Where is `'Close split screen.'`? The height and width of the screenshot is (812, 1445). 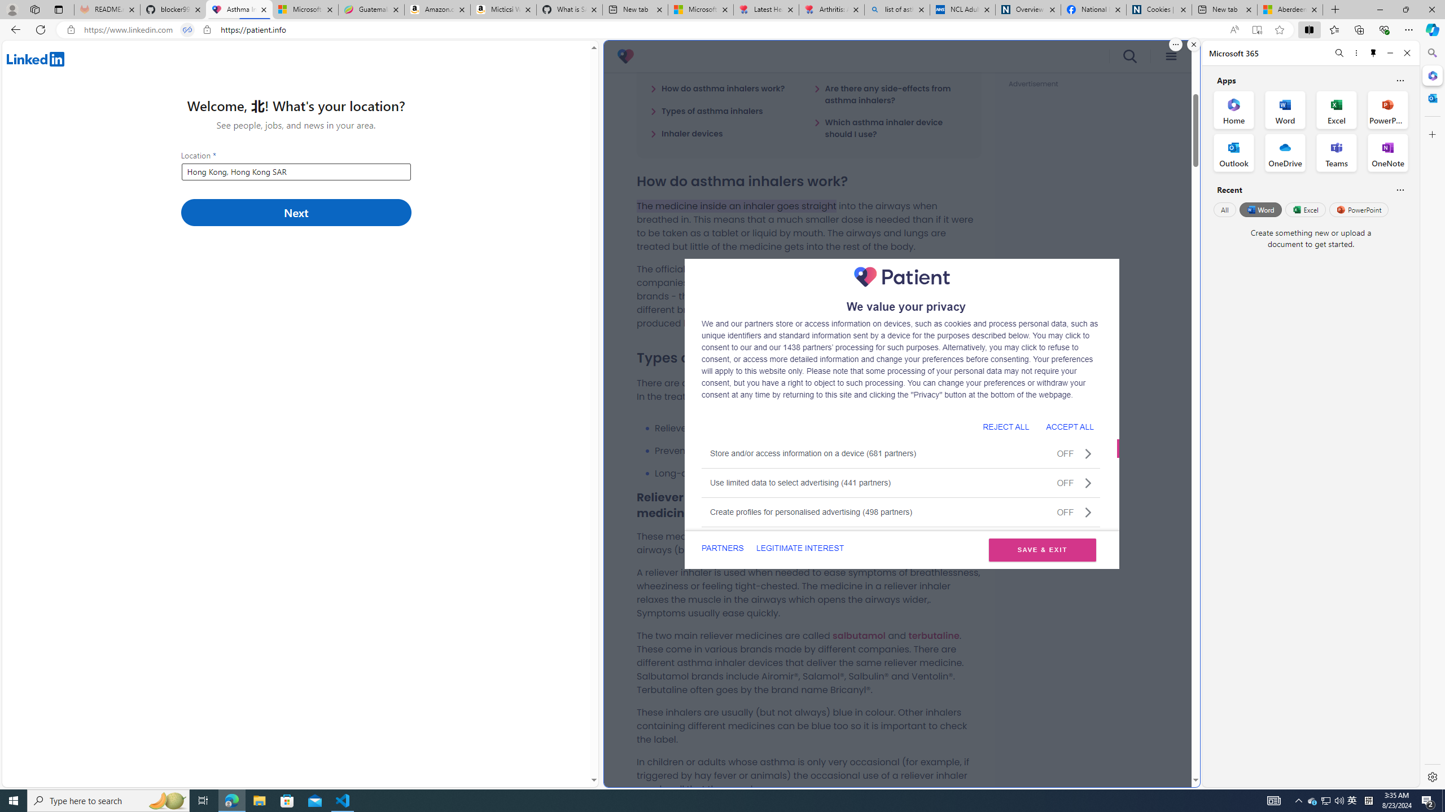 'Close split screen.' is located at coordinates (1193, 44).